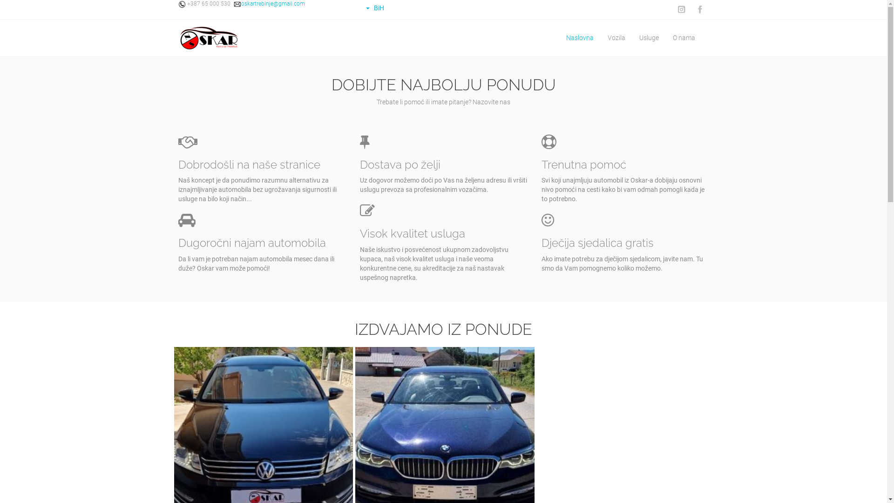 This screenshot has width=894, height=503. Describe the element at coordinates (268, 3) in the screenshot. I see `'oskartrebinje@gmail.com'` at that location.